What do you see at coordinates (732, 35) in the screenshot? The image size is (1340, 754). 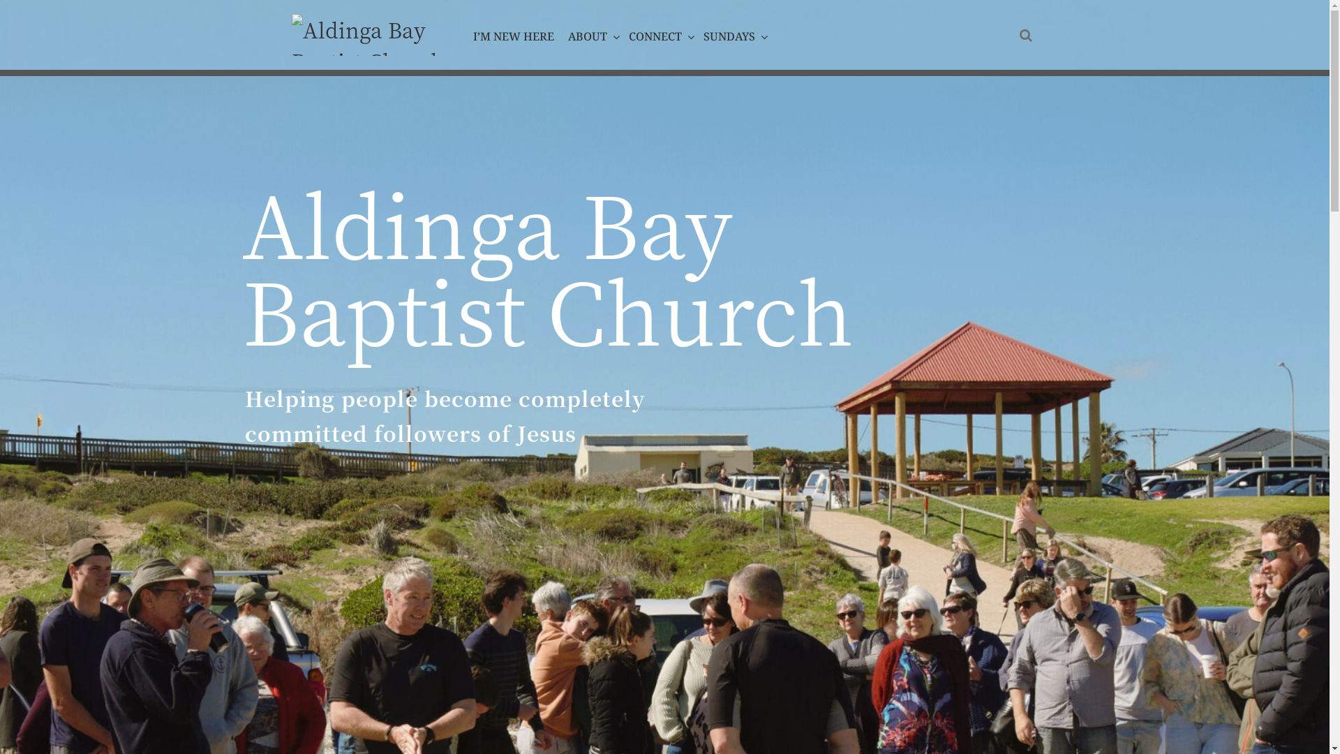 I see `'SUNDAYS'` at bounding box center [732, 35].